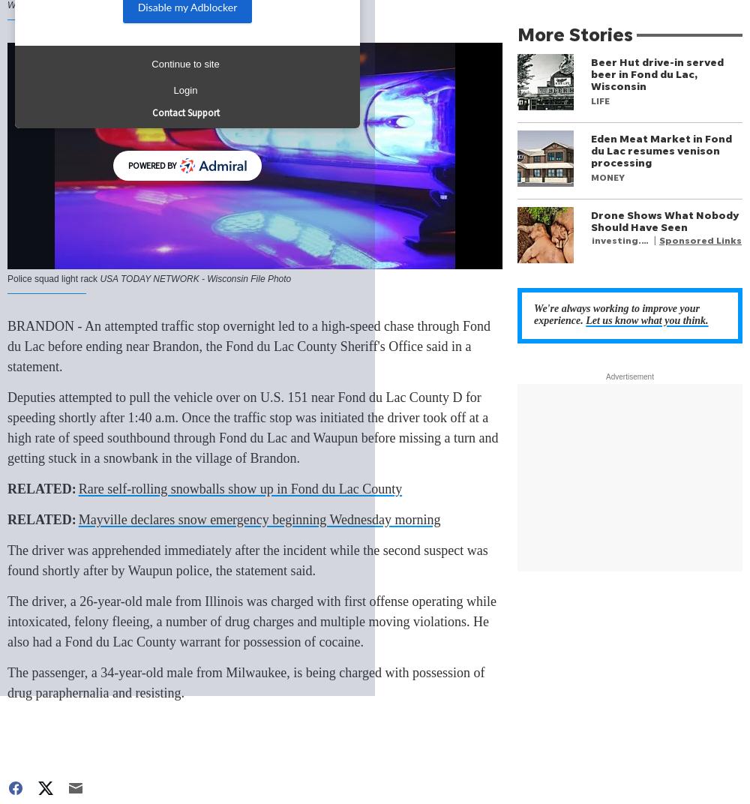 Image resolution: width=750 pixels, height=804 pixels. Describe the element at coordinates (258, 519) in the screenshot. I see `'Mayville declares snow emergency beginning Wednesday morning'` at that location.